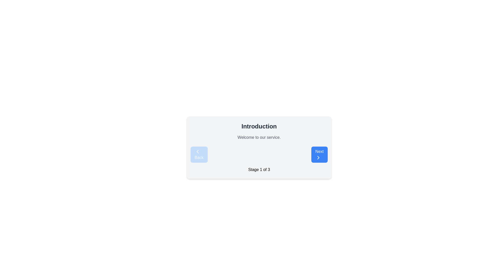 The width and height of the screenshot is (484, 272). What do you see at coordinates (318, 157) in the screenshot?
I see `the rightward-pointing chevron icon located within the 'Next' button in the navigation interface, positioned at the bottom right of the content` at bounding box center [318, 157].